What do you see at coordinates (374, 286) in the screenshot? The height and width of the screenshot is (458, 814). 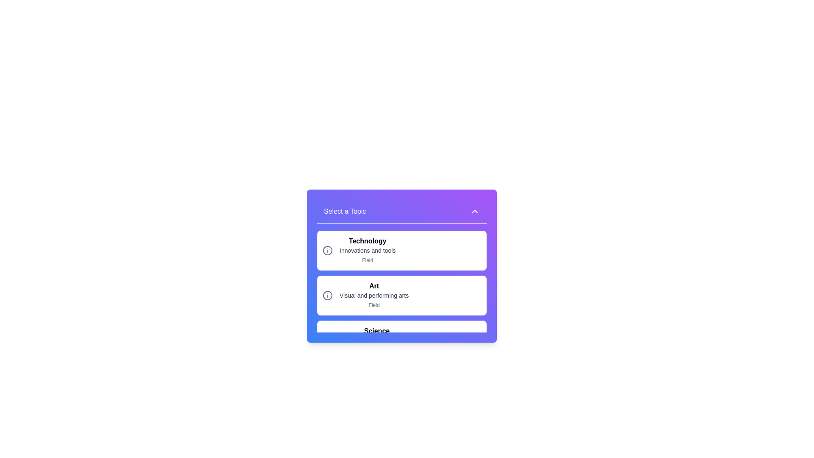 I see `text content of the Text Label that serves as a category header for art, located centrally in the second card of a vertical stack` at bounding box center [374, 286].